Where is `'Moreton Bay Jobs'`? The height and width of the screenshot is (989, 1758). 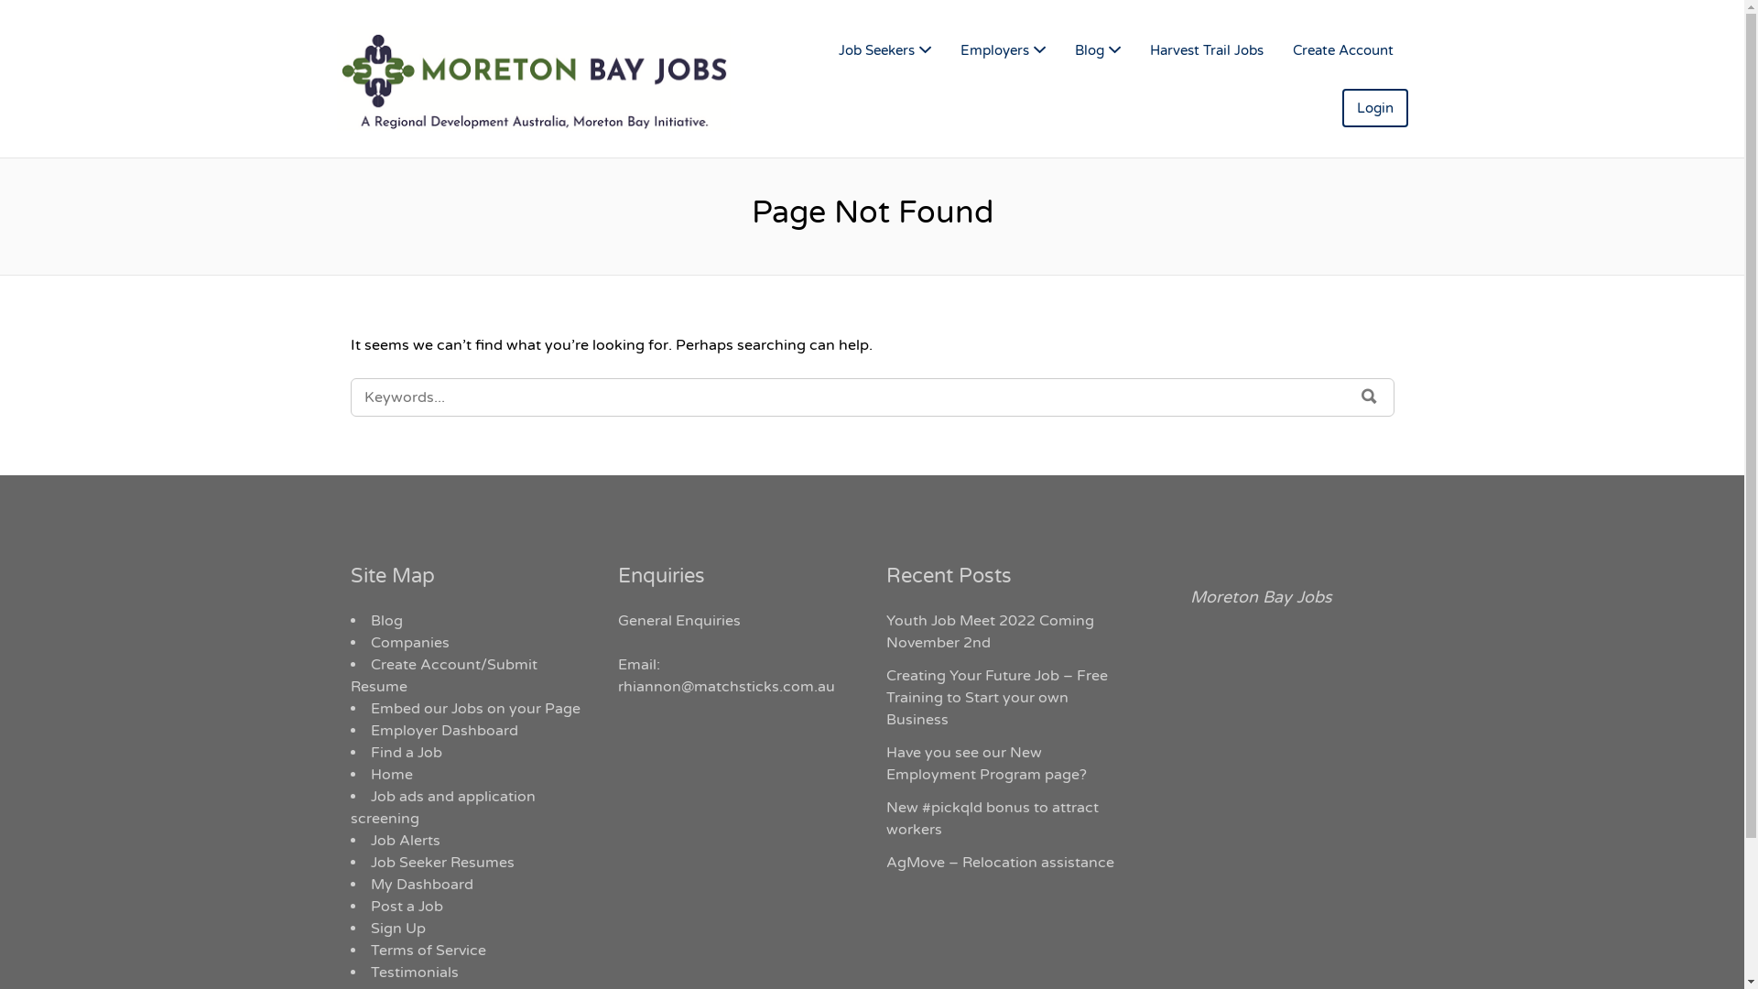 'Moreton Bay Jobs' is located at coordinates (1260, 596).